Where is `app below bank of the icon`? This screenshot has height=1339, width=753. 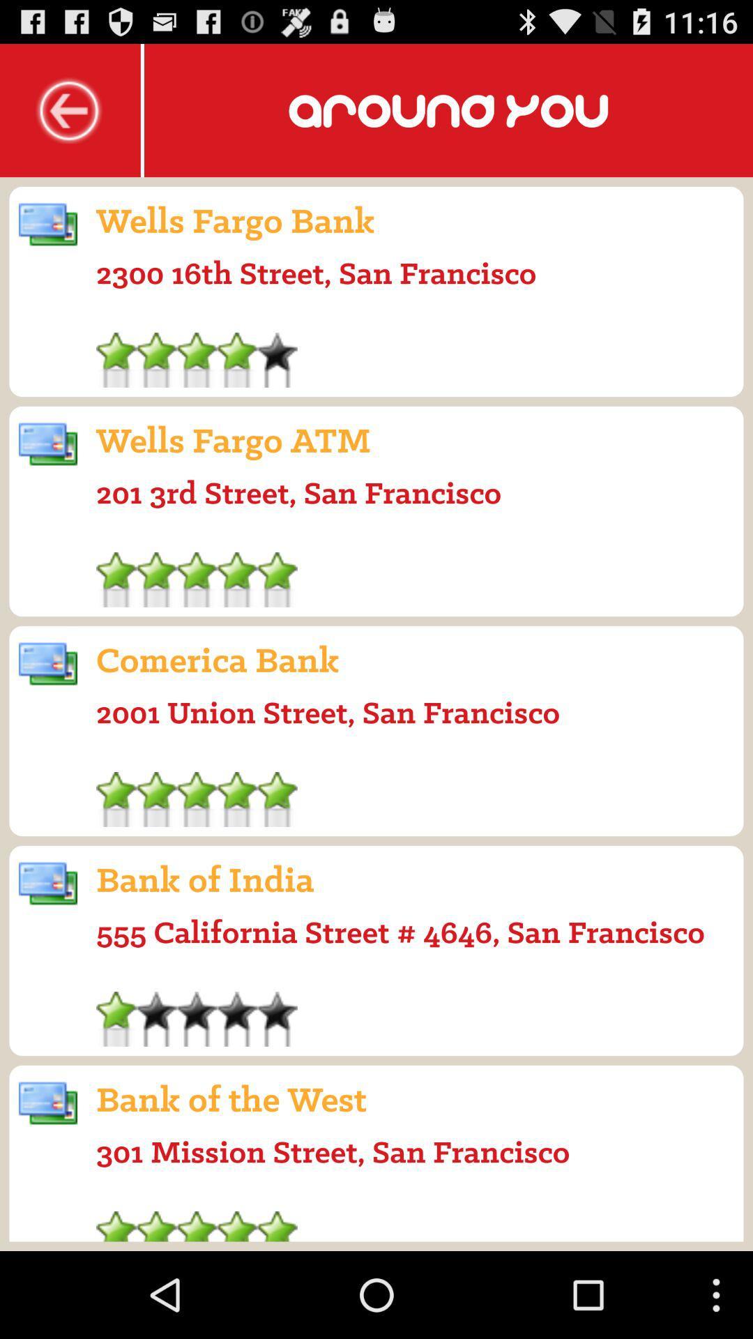 app below bank of the icon is located at coordinates (333, 1151).